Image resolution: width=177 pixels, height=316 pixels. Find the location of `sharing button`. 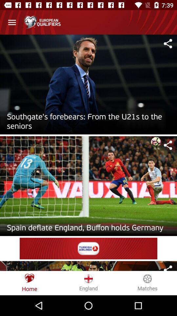

sharing button is located at coordinates (168, 268).